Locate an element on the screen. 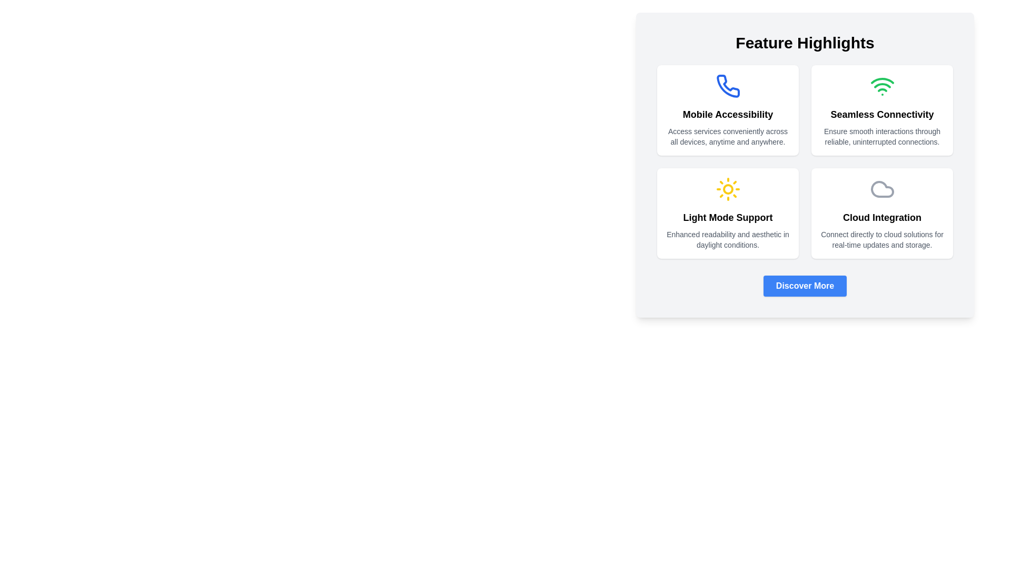  the Informational card titled 'Light Mode Support' which features a yellow sun icon and a description about enhanced readability in daylight conditions is located at coordinates (727, 213).